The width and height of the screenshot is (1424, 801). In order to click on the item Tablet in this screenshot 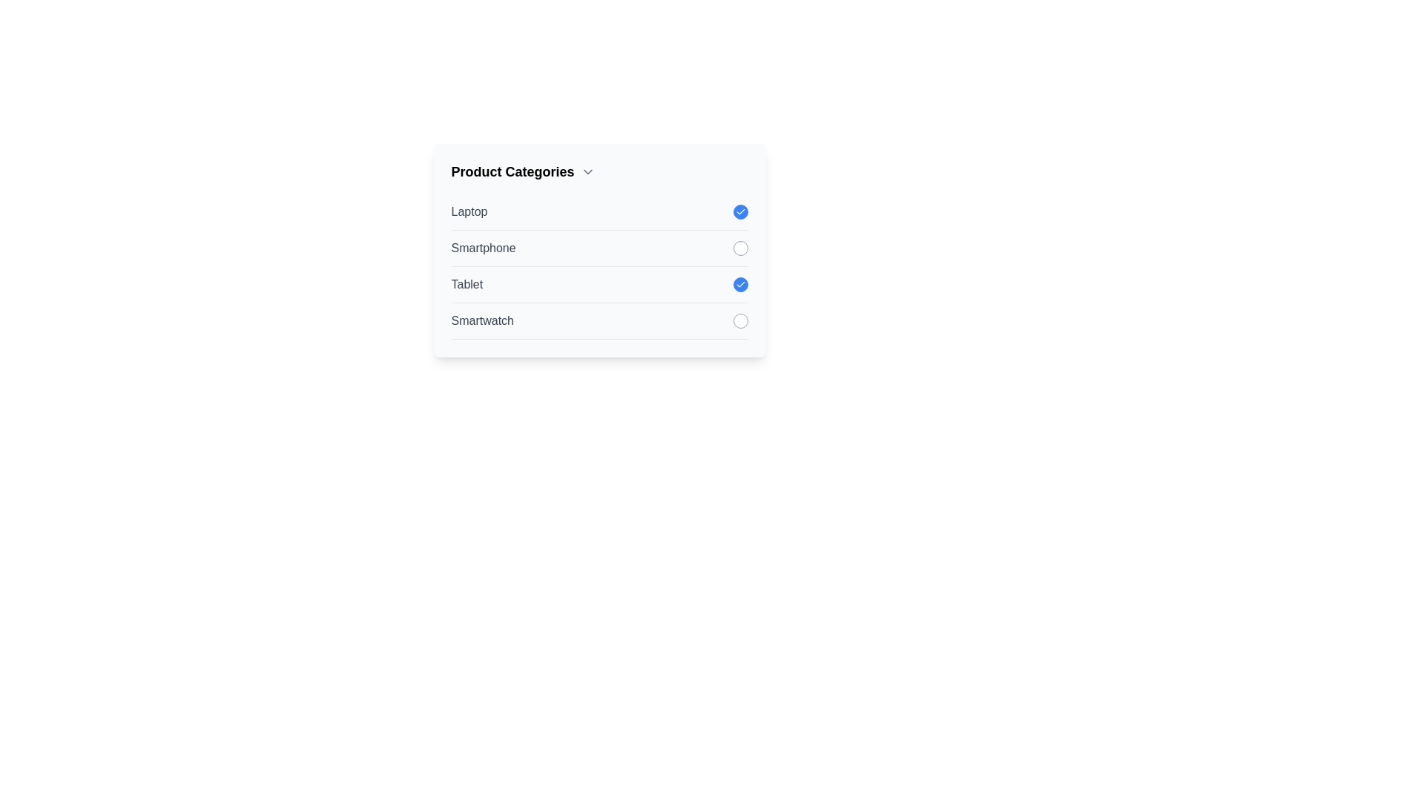, I will do `click(740, 285)`.